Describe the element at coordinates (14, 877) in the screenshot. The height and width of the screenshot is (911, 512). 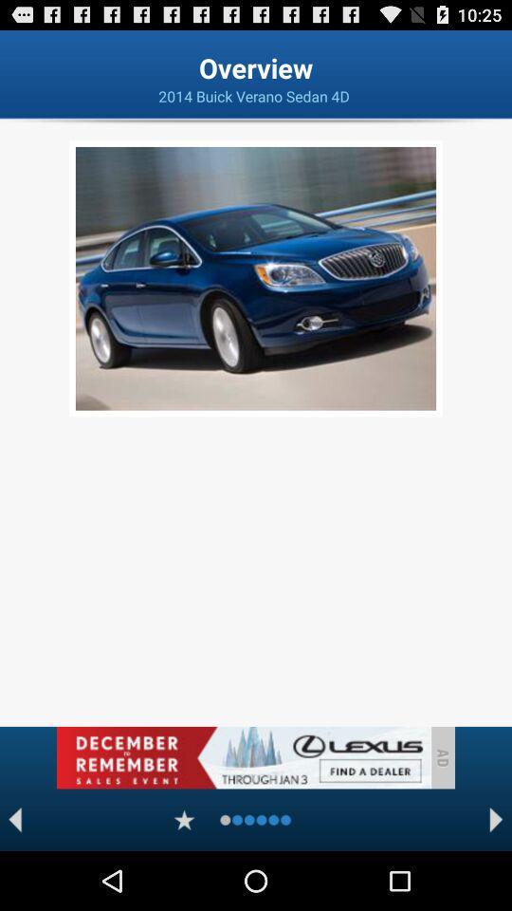
I see `the arrow_backward icon` at that location.